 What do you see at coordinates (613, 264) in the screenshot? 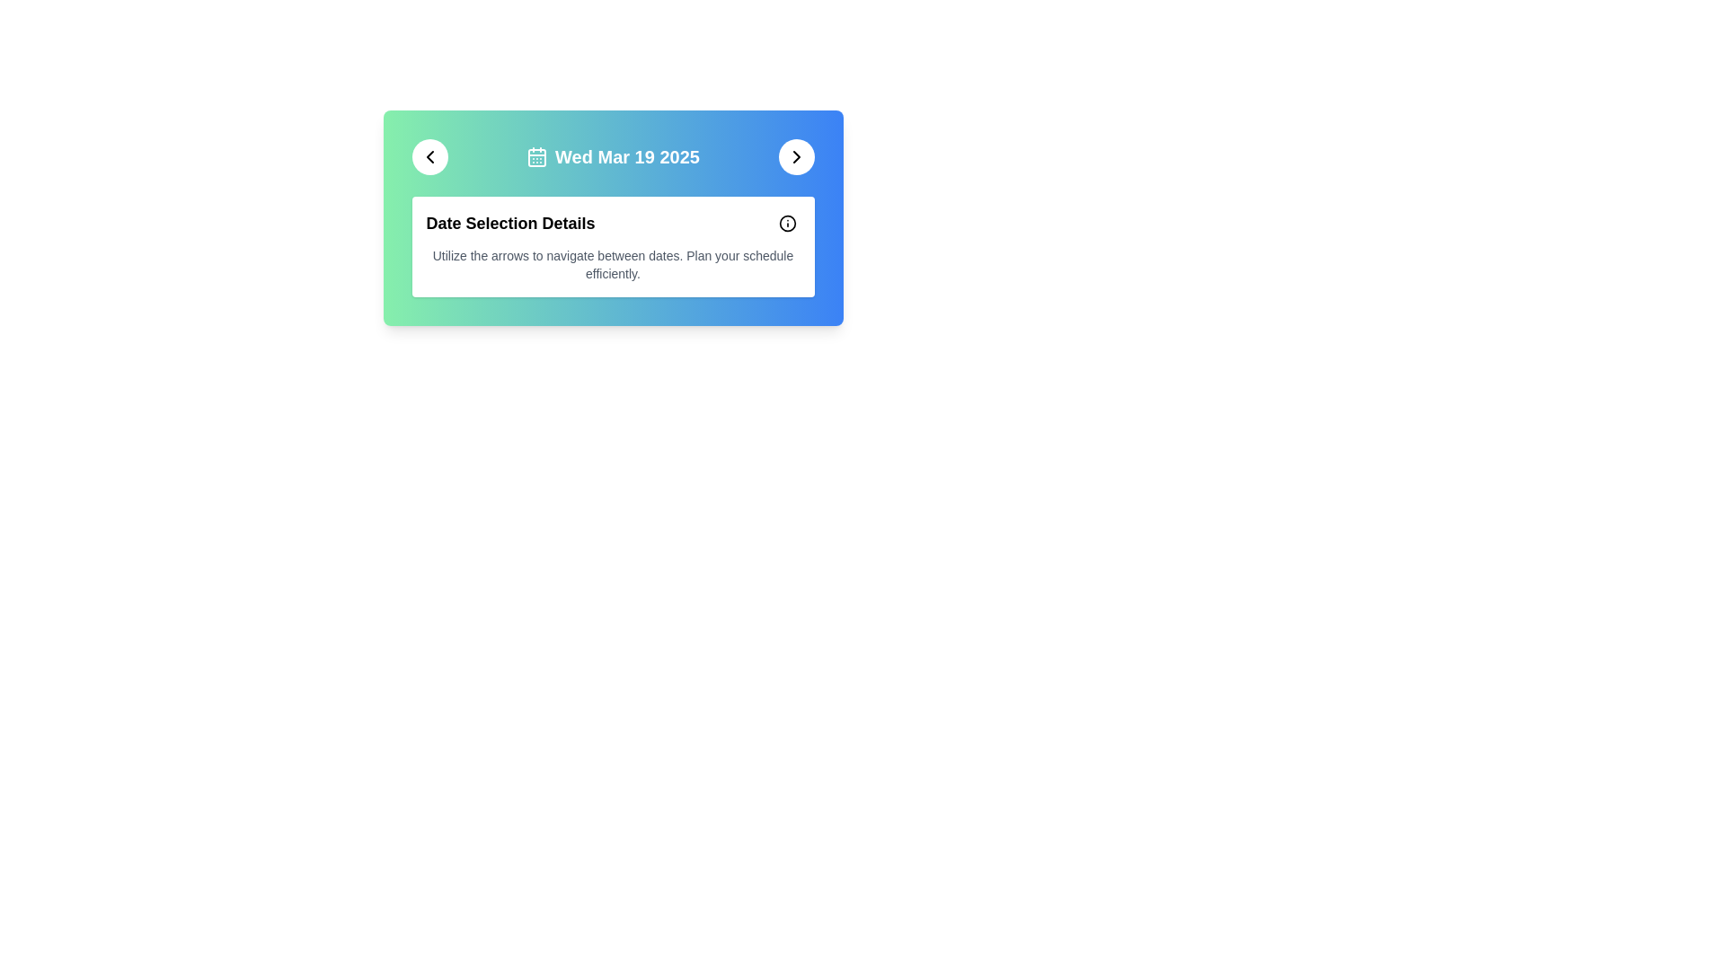
I see `the static text providing guidance on interacting with the date navigation functionality, located below the 'Date Selection Details' header` at bounding box center [613, 264].